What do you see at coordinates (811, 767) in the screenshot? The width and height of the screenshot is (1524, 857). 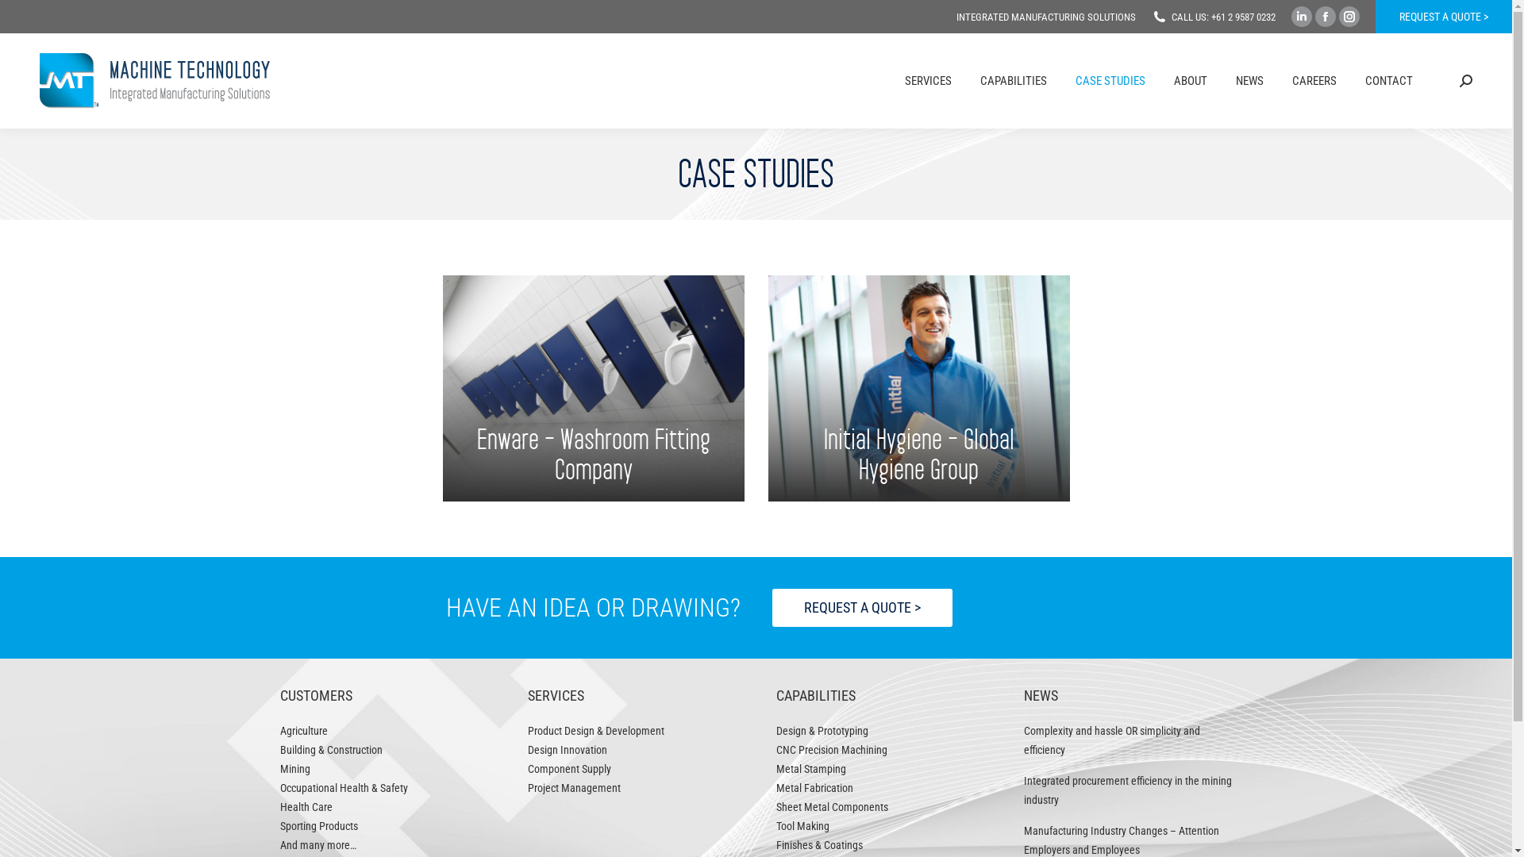 I see `'Metal Stamping'` at bounding box center [811, 767].